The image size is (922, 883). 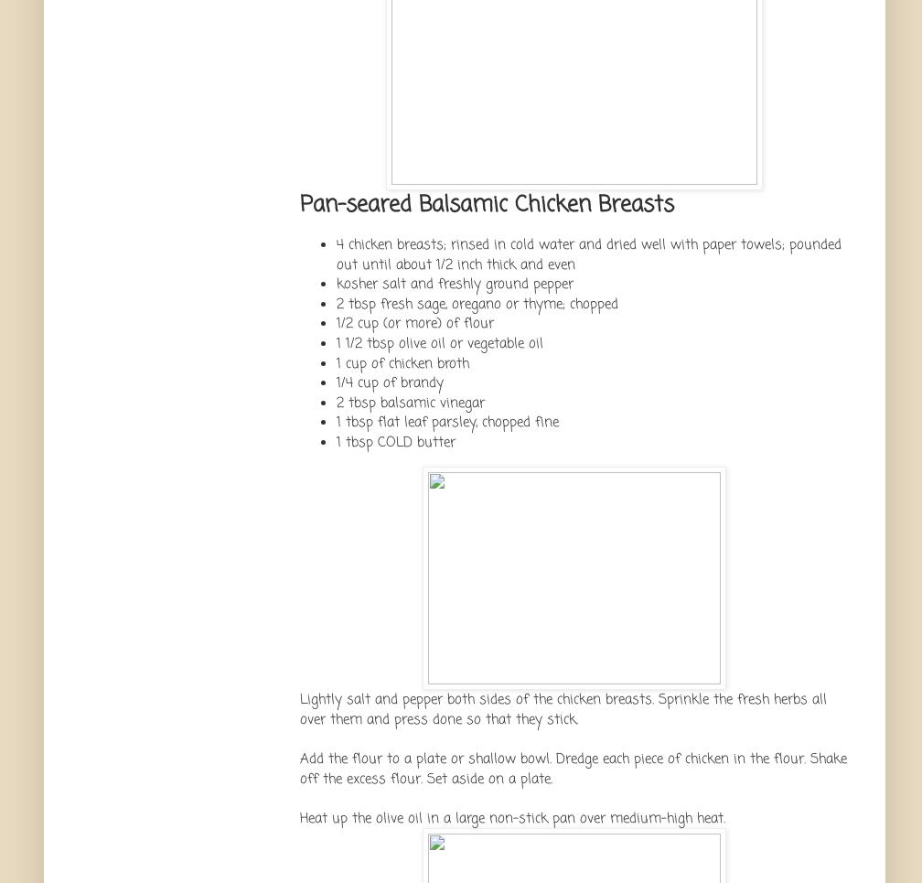 I want to click on 'Add the flour to a plate or shallow bowl. Dredge each piece of chicken in the flour. Shake off the excess flour. Set aside on a plate.', so click(x=573, y=768).